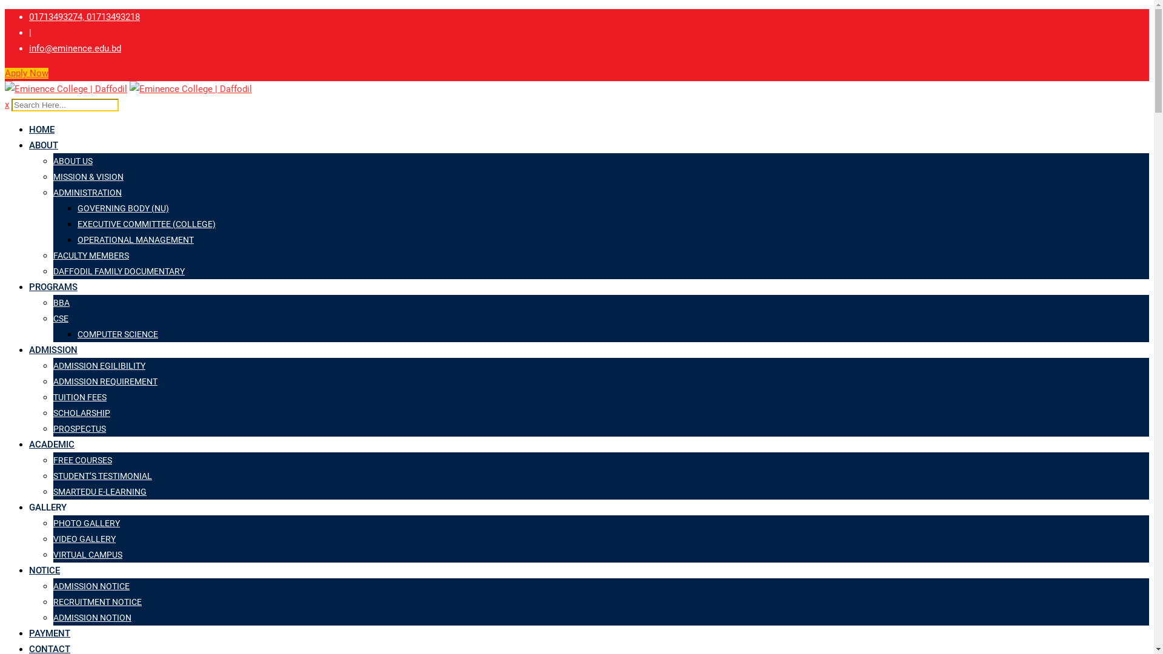 The image size is (1163, 654). What do you see at coordinates (52, 365) in the screenshot?
I see `'ADMISSION EGILIBILITY'` at bounding box center [52, 365].